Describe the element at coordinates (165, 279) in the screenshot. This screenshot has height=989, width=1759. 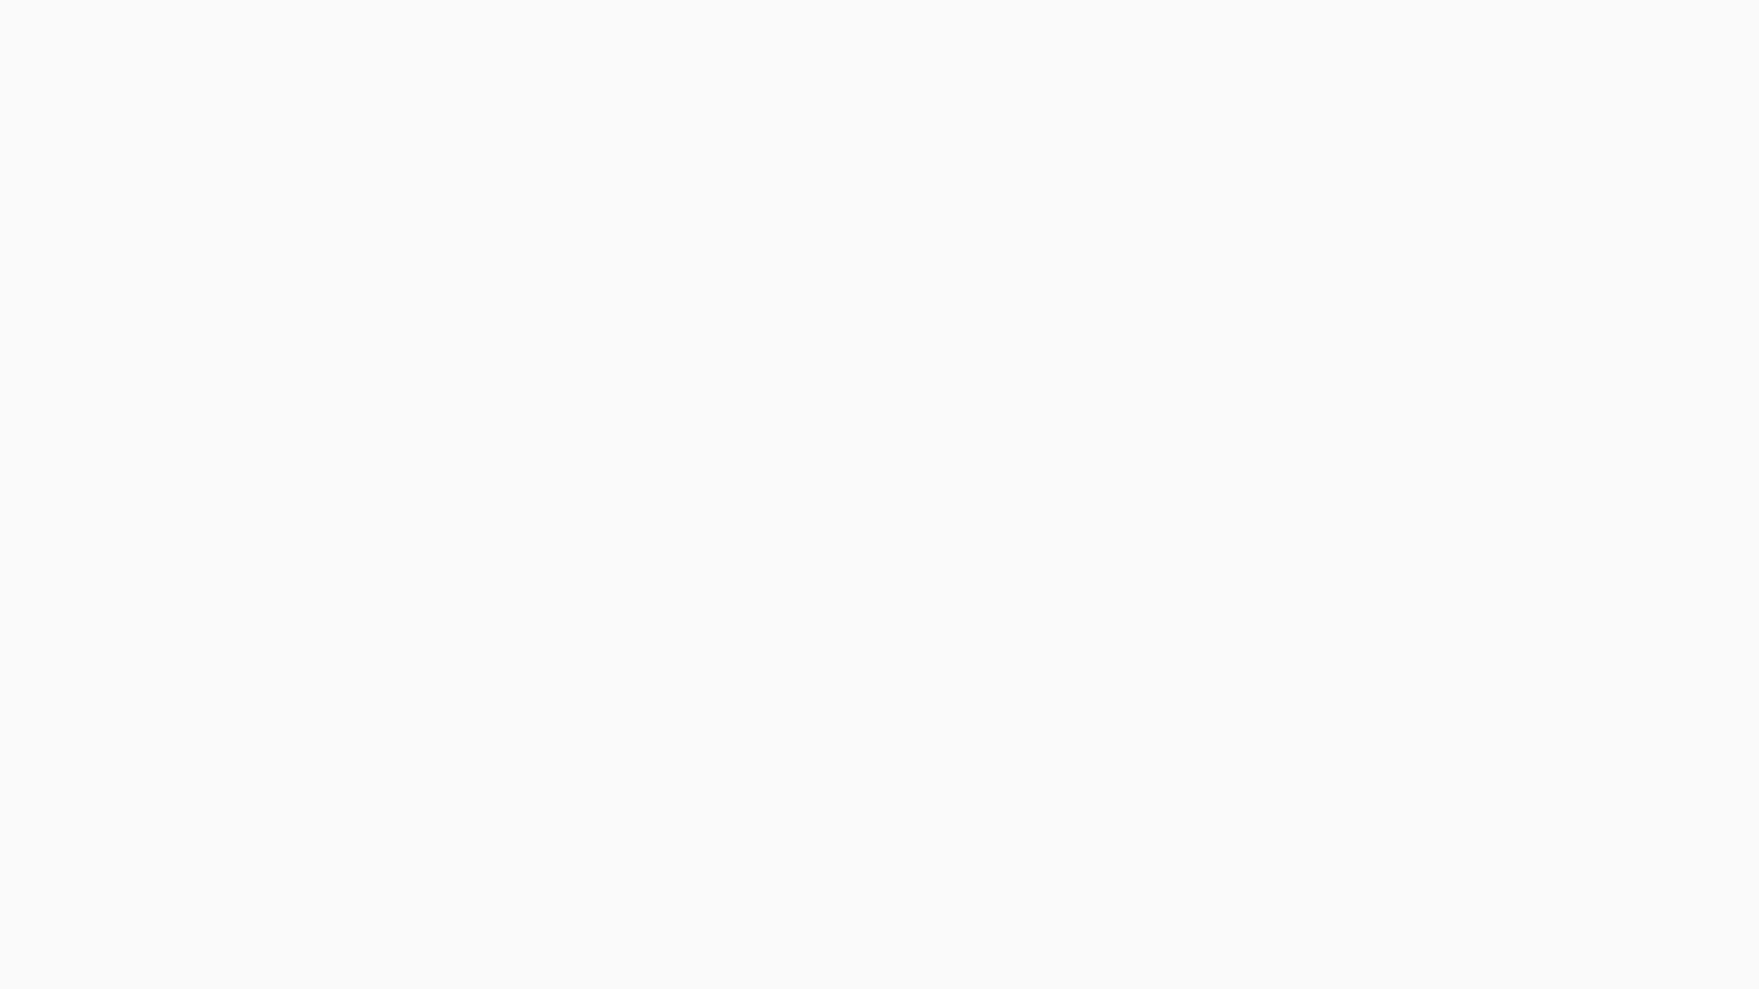
I see `Terms and Policies` at that location.